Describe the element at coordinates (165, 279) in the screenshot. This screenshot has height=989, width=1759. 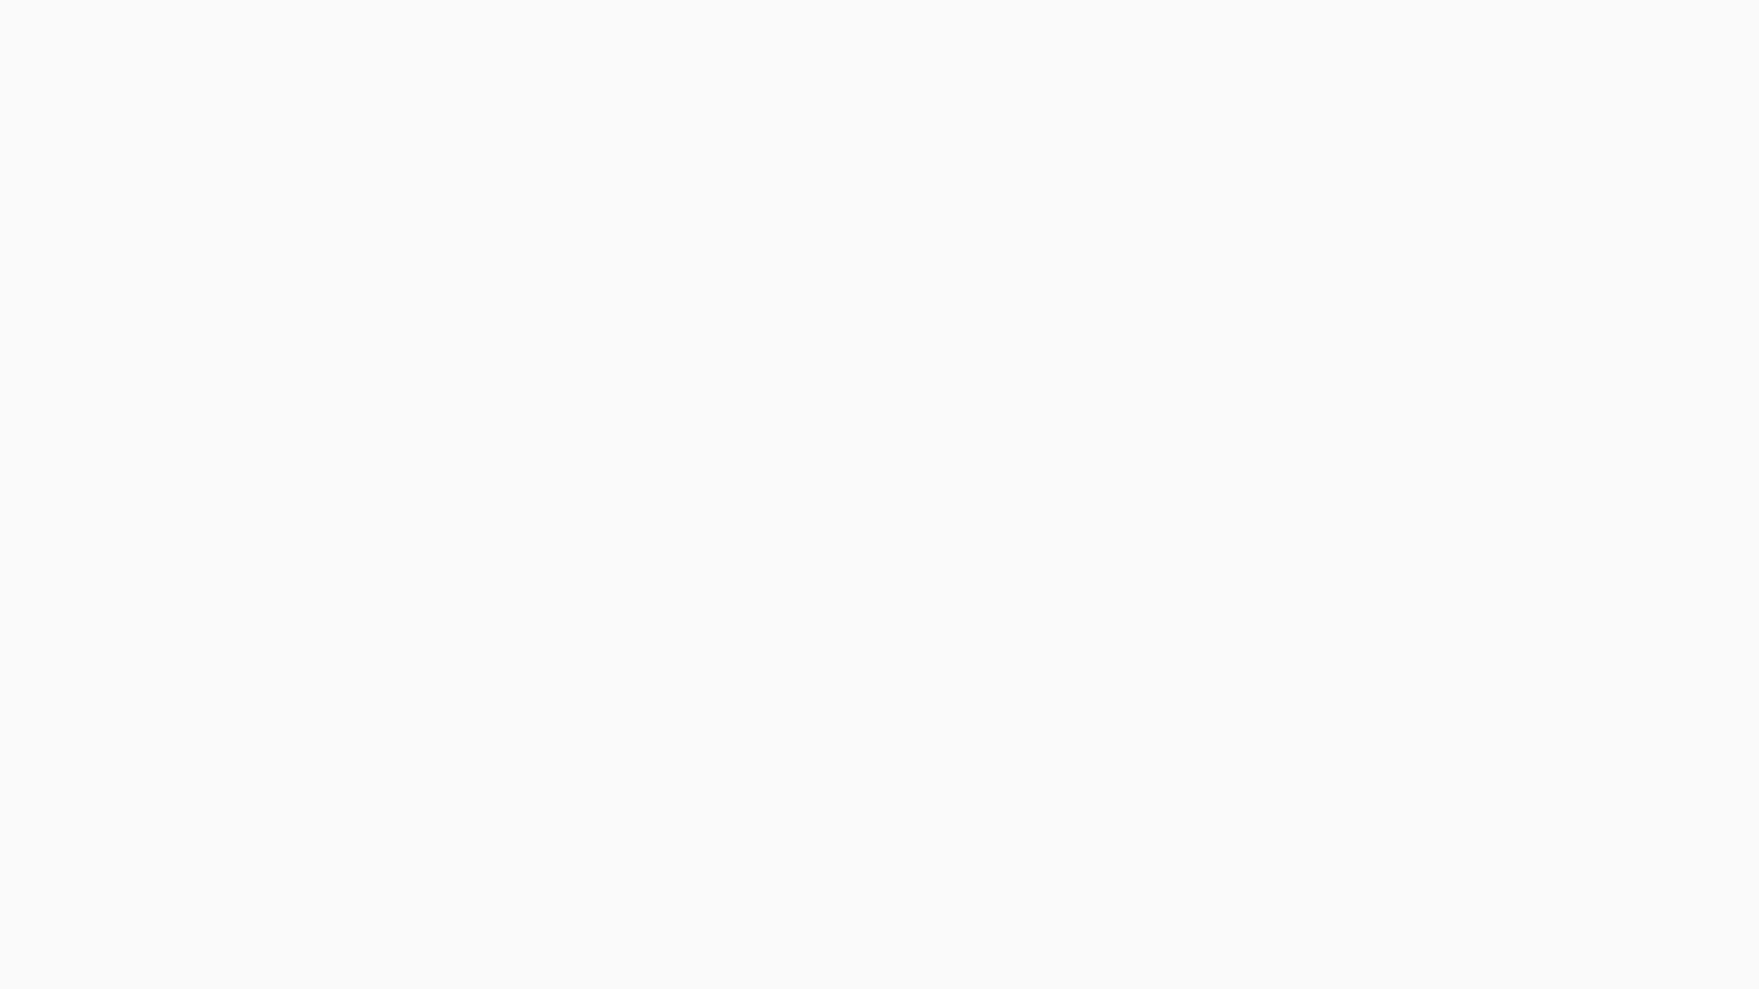
I see `Terms and Policies` at that location.